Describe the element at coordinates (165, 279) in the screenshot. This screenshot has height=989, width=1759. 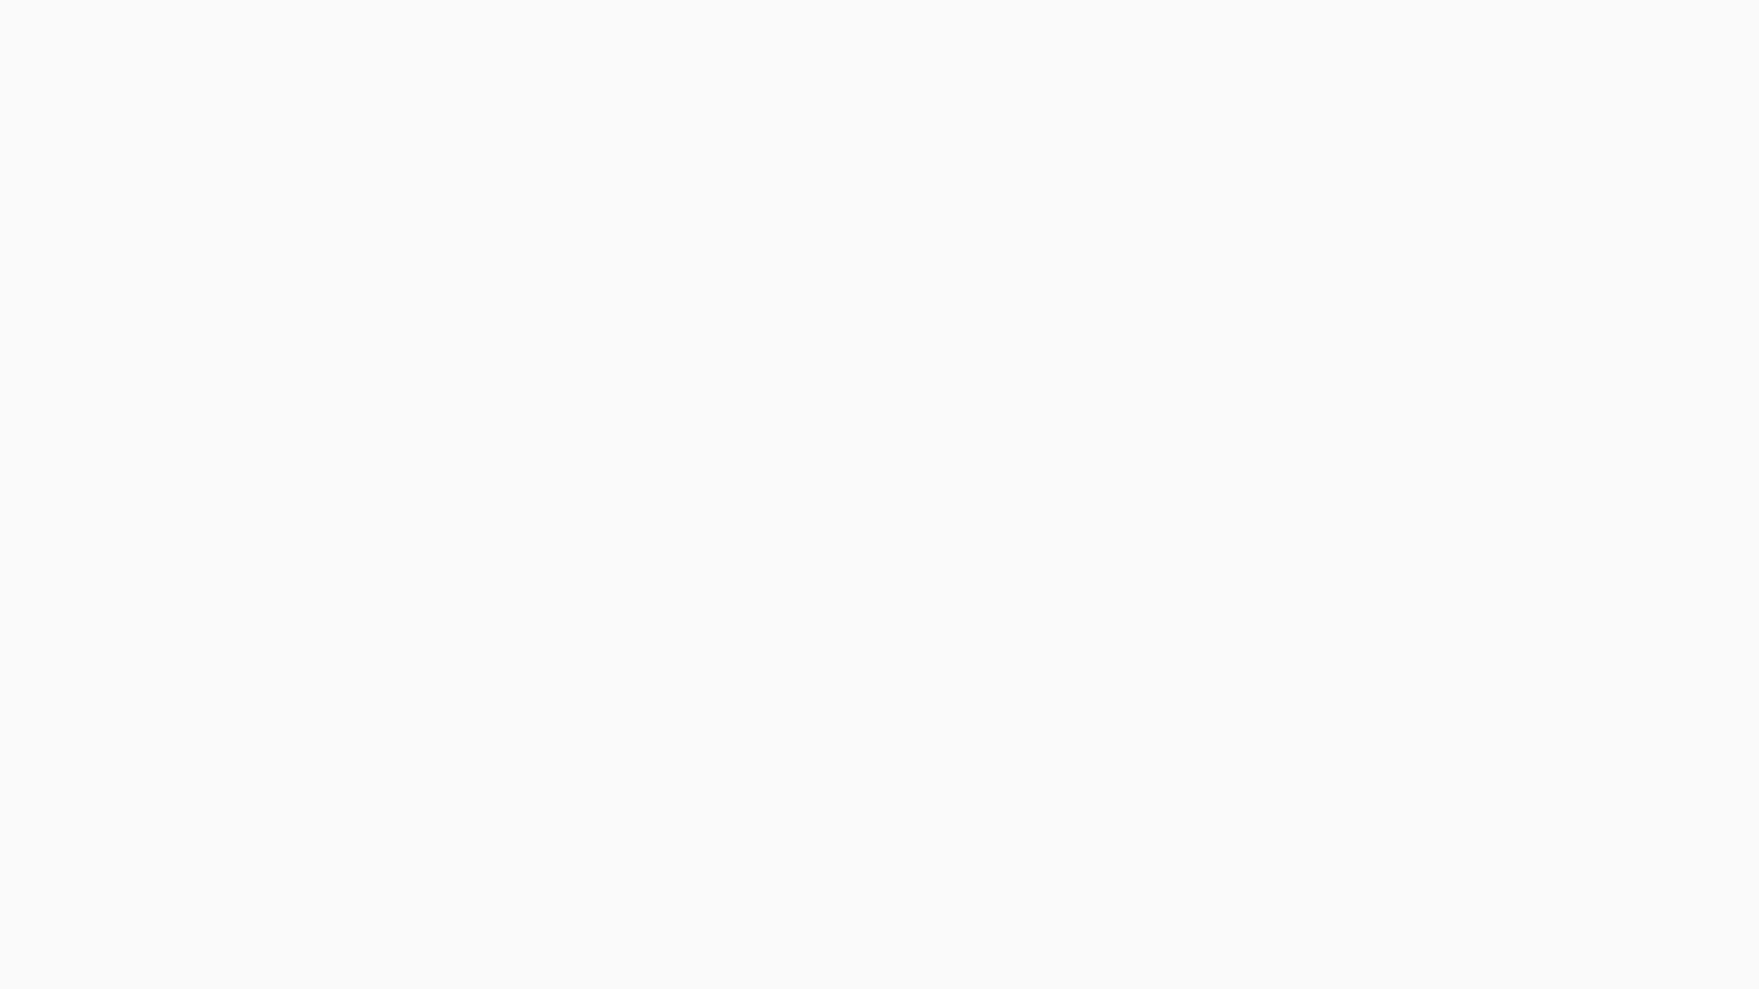
I see `Terms and Policies` at that location.